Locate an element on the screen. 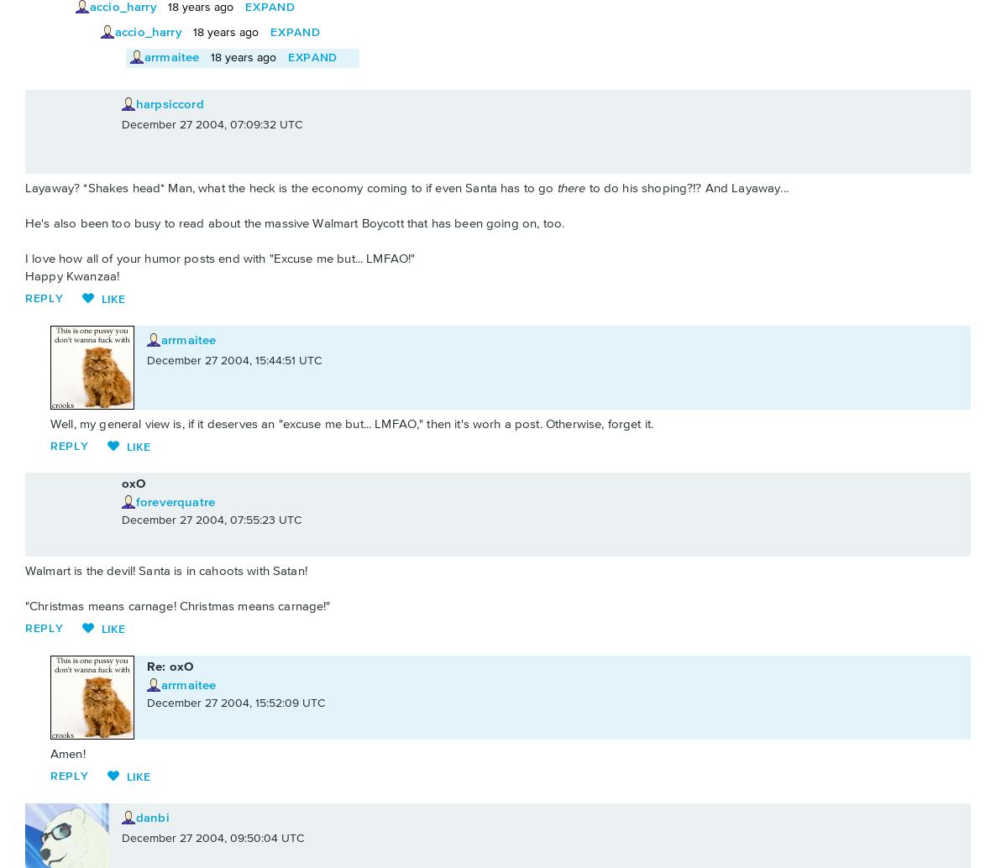  'December 27 2004, 09:50:04 UTC' is located at coordinates (212, 837).